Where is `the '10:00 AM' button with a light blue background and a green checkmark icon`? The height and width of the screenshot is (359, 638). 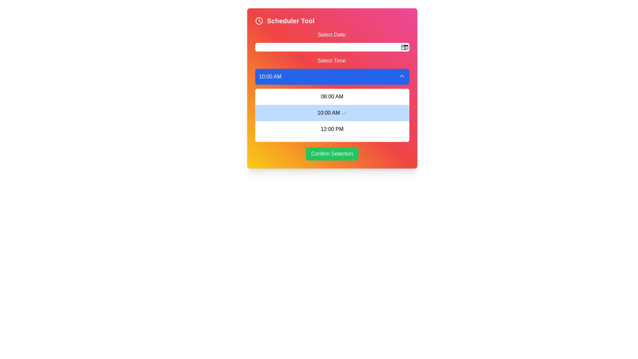 the '10:00 AM' button with a light blue background and a green checkmark icon is located at coordinates (332, 112).